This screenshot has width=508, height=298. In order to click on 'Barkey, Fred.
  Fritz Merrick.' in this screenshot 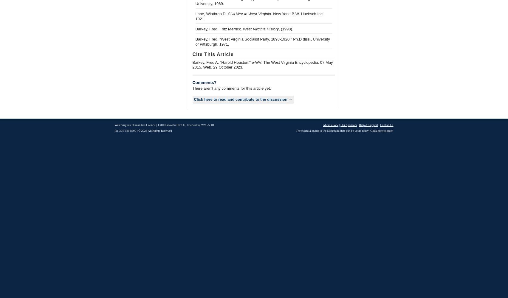, I will do `click(219, 28)`.